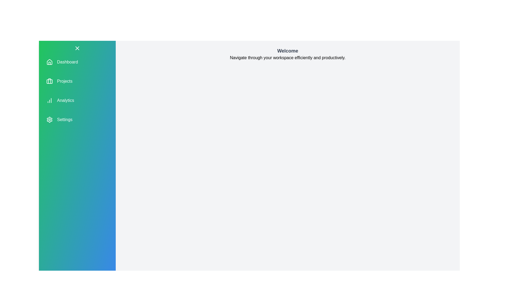  Describe the element at coordinates (65, 101) in the screenshot. I see `the navigation item corresponding to Analytics` at that location.